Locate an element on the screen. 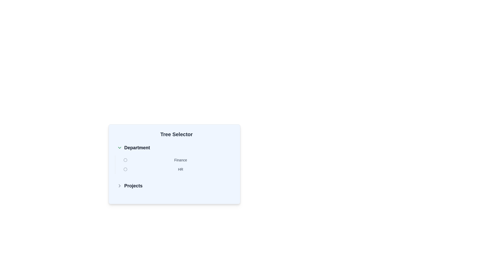 The height and width of the screenshot is (278, 494). the Collapsible tree selector is located at coordinates (174, 165).